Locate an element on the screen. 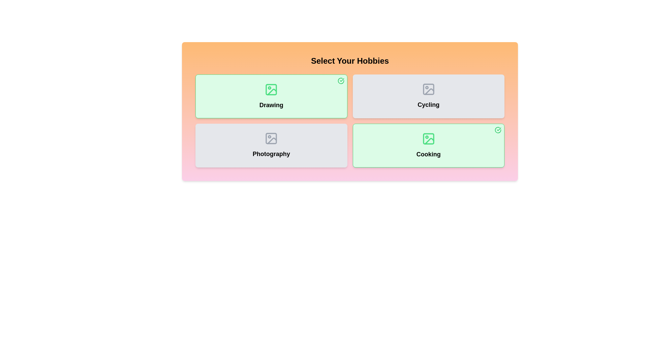 This screenshot has width=647, height=364. the hobby Drawing by clicking on its card is located at coordinates (271, 96).